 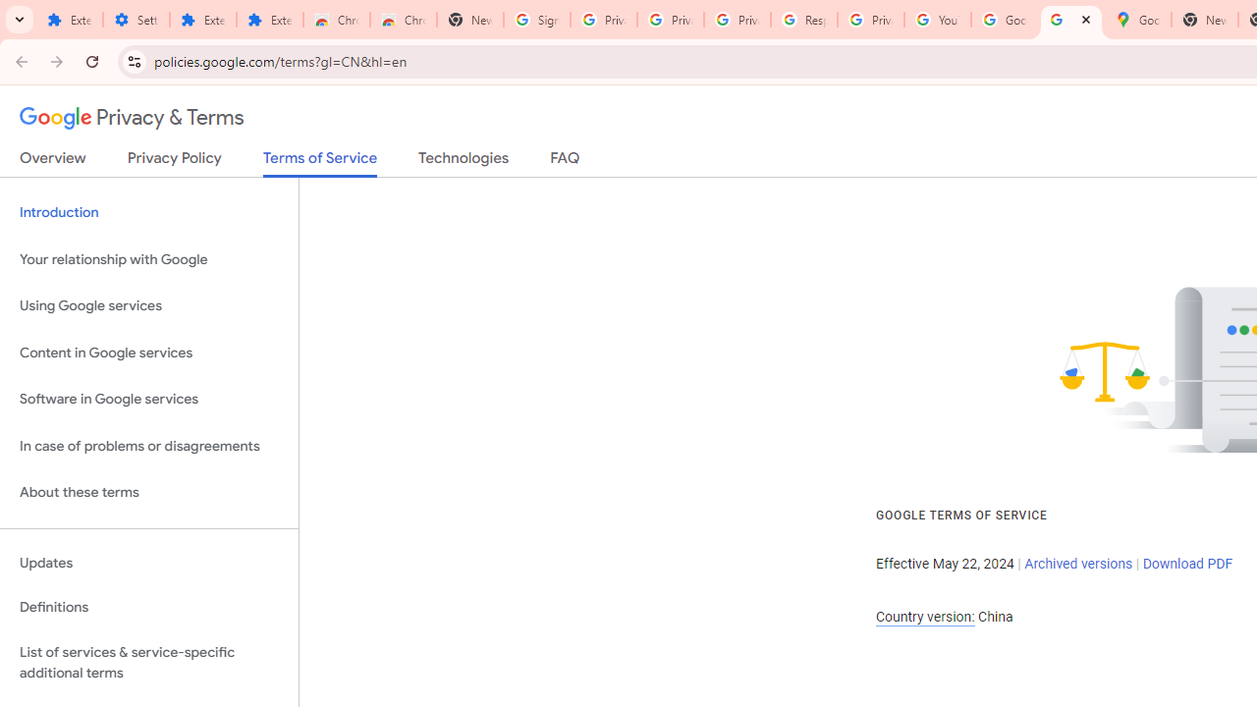 What do you see at coordinates (148, 258) in the screenshot?
I see `'Your relationship with Google'` at bounding box center [148, 258].